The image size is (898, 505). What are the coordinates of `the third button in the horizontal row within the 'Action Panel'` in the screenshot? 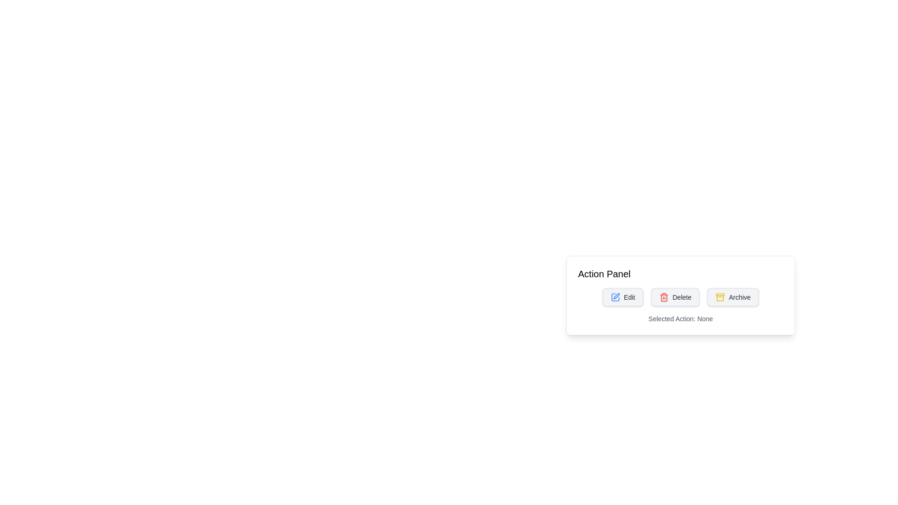 It's located at (732, 297).